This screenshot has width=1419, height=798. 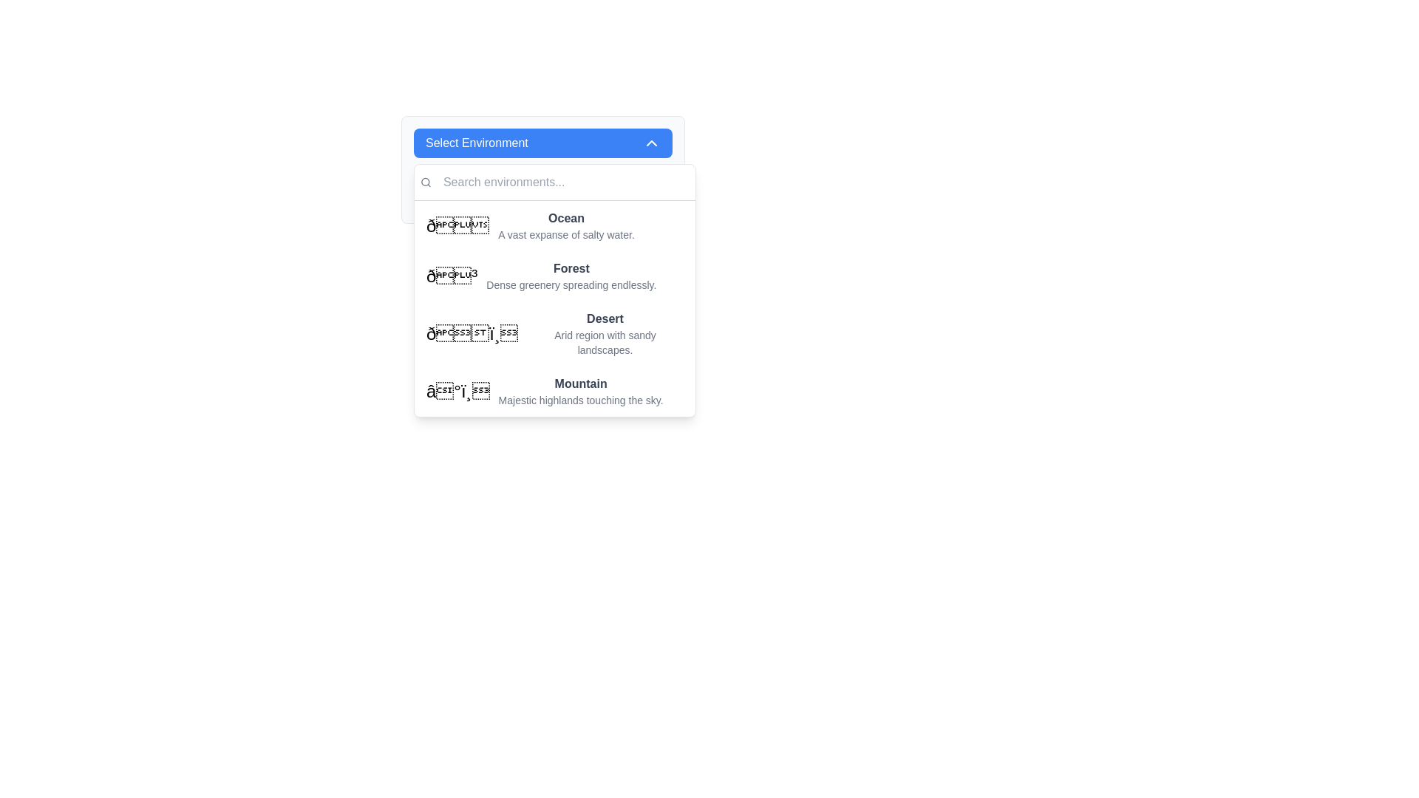 What do you see at coordinates (554, 333) in the screenshot?
I see `the 'Desert' option in the dropdown menu` at bounding box center [554, 333].